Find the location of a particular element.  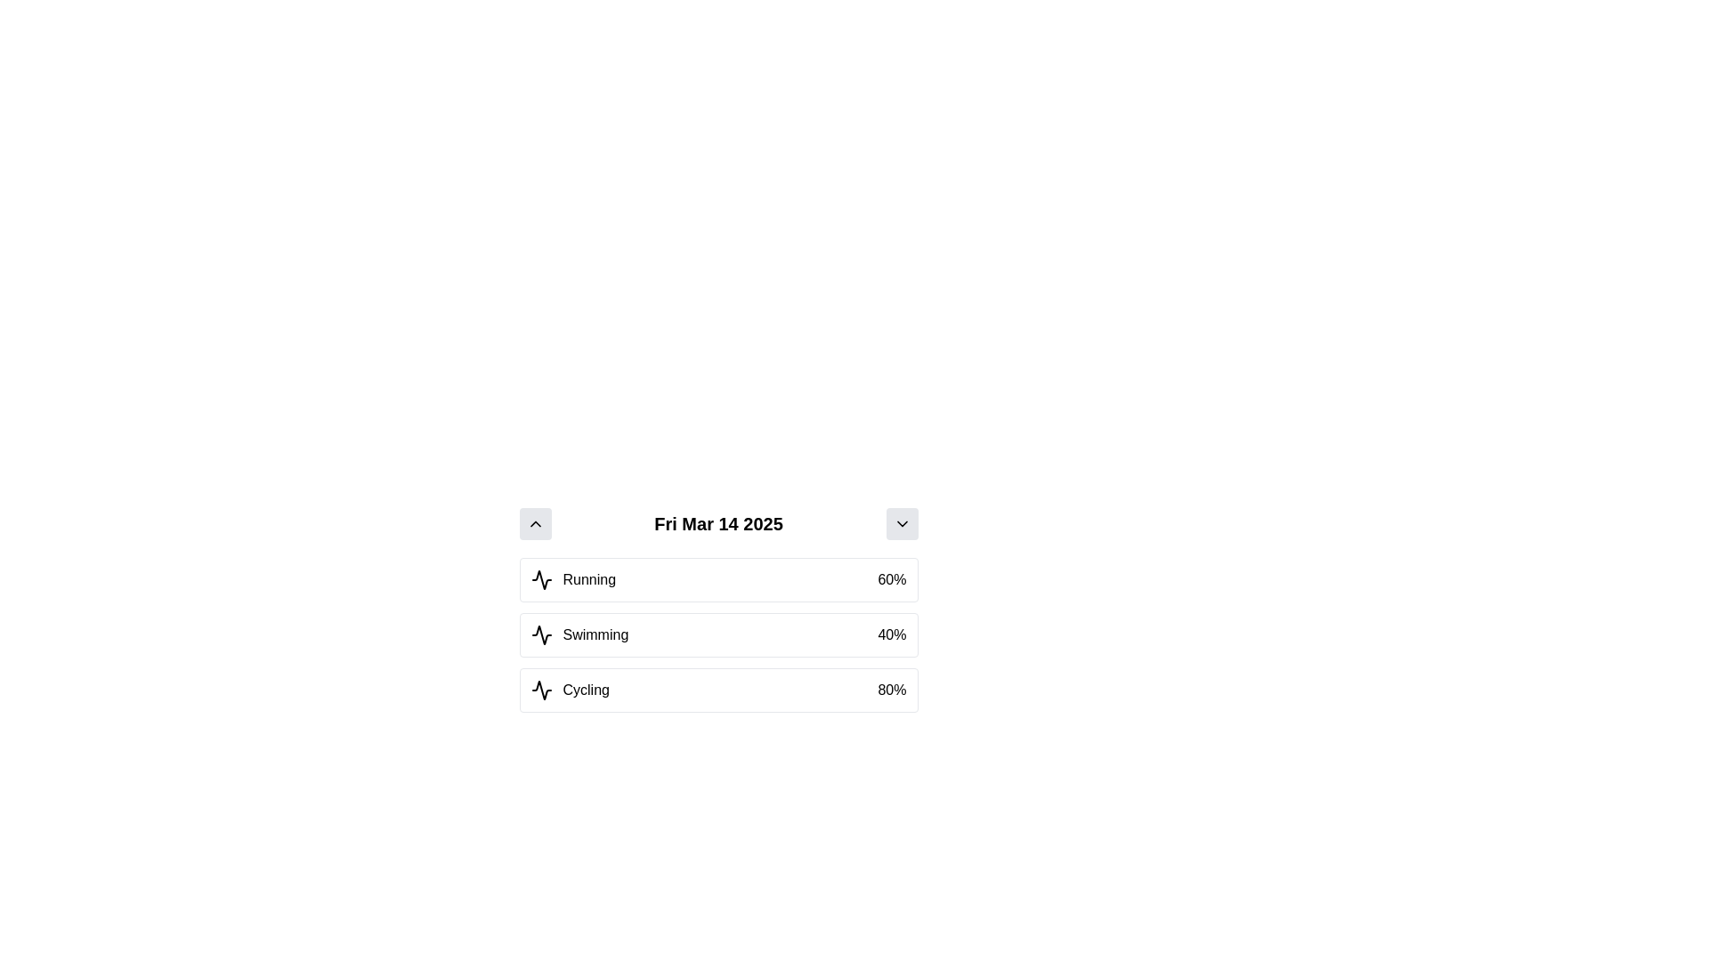

the 'Swimming' activity icon located in the second row of the list, immediately left of the text 'Swimming' is located at coordinates (540, 634).